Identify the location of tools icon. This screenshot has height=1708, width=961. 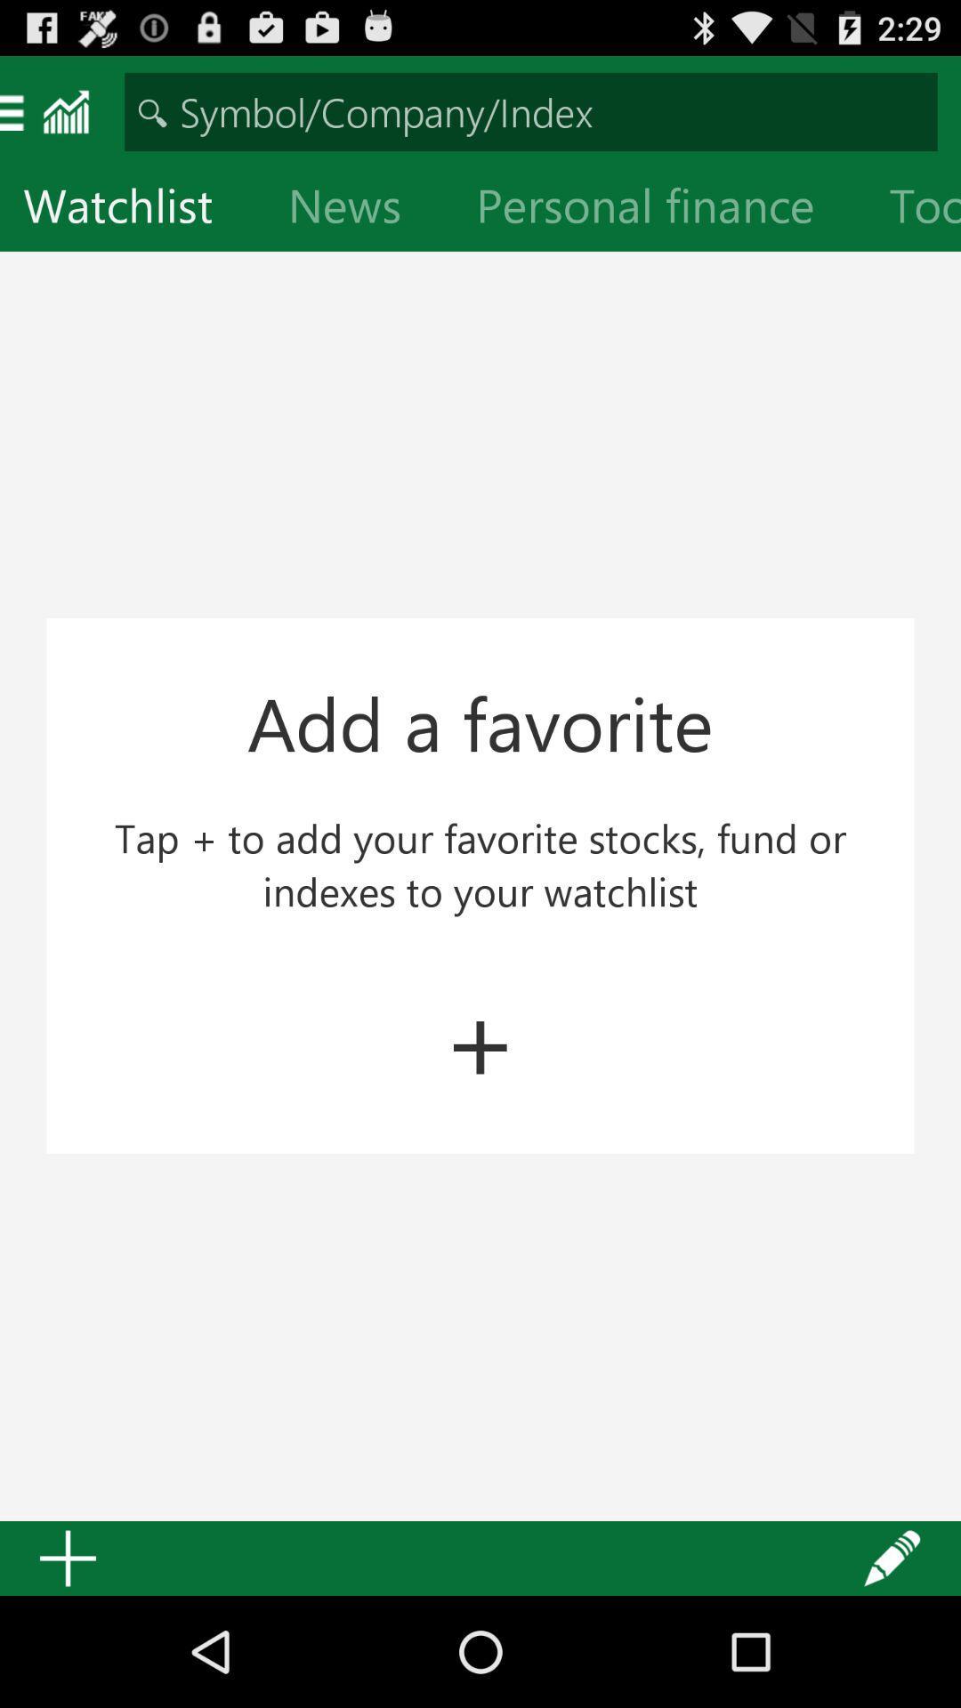
(913, 209).